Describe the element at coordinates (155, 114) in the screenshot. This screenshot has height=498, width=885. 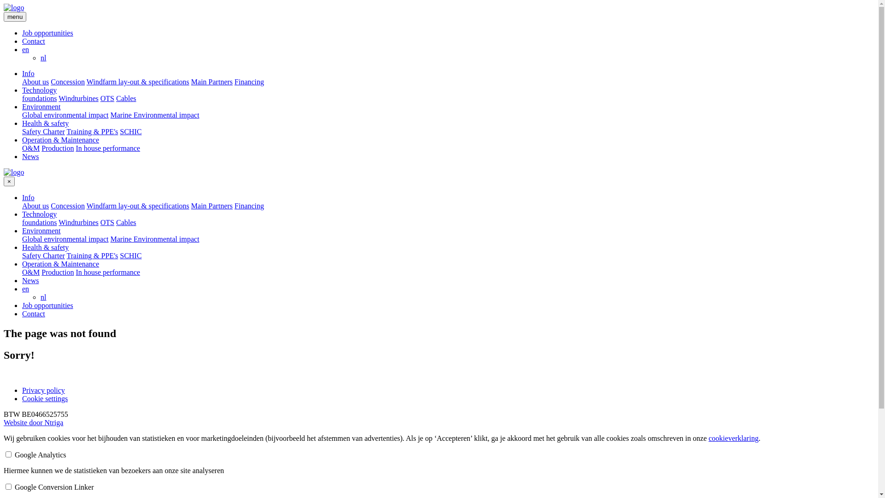
I see `'Marine Environmental impact'` at that location.